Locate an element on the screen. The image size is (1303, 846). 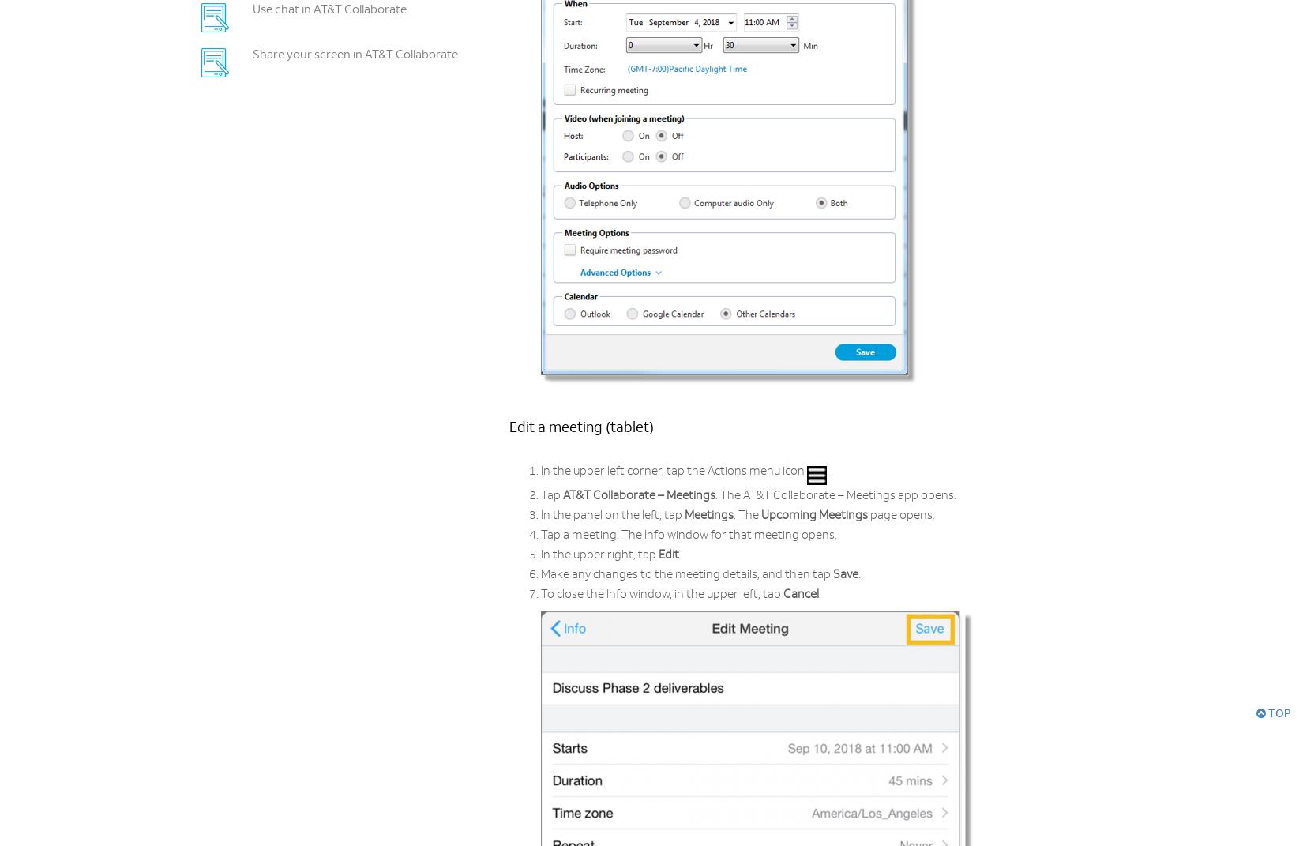
'Make any changes to the meeting details, and then tap' is located at coordinates (687, 575).